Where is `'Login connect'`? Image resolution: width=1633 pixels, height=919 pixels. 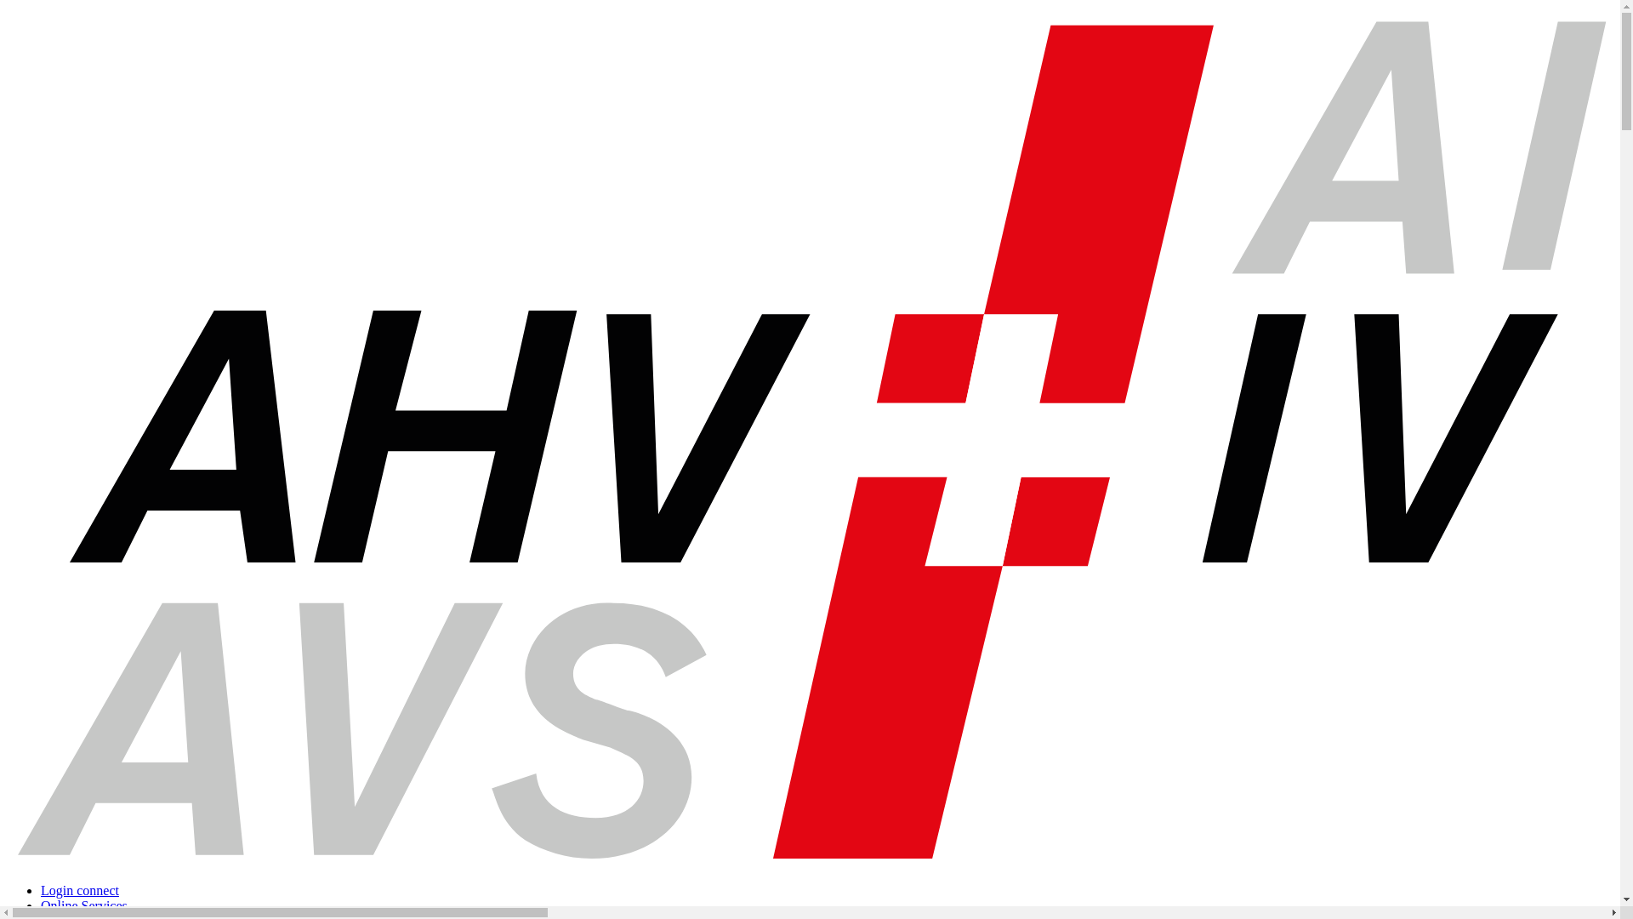
'Login connect' is located at coordinates (79, 889).